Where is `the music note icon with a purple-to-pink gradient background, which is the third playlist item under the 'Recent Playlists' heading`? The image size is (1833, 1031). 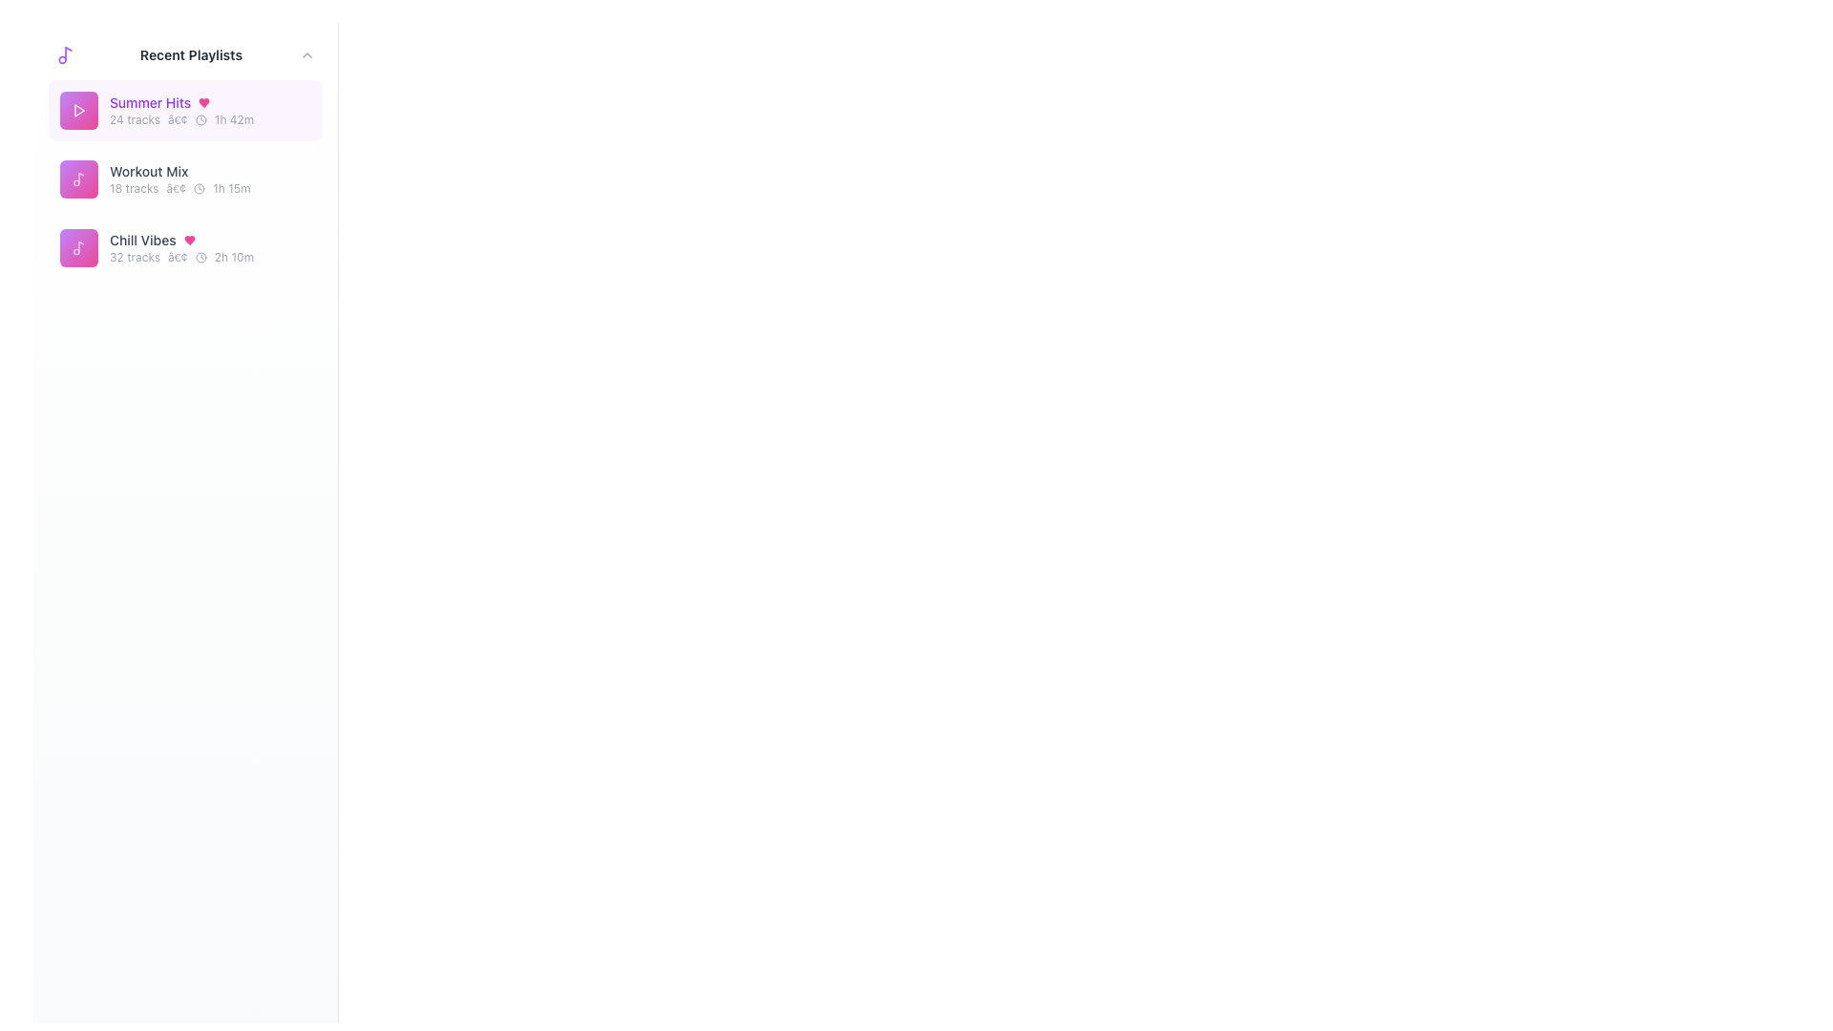
the music note icon with a purple-to-pink gradient background, which is the third playlist item under the 'Recent Playlists' heading is located at coordinates (77, 246).